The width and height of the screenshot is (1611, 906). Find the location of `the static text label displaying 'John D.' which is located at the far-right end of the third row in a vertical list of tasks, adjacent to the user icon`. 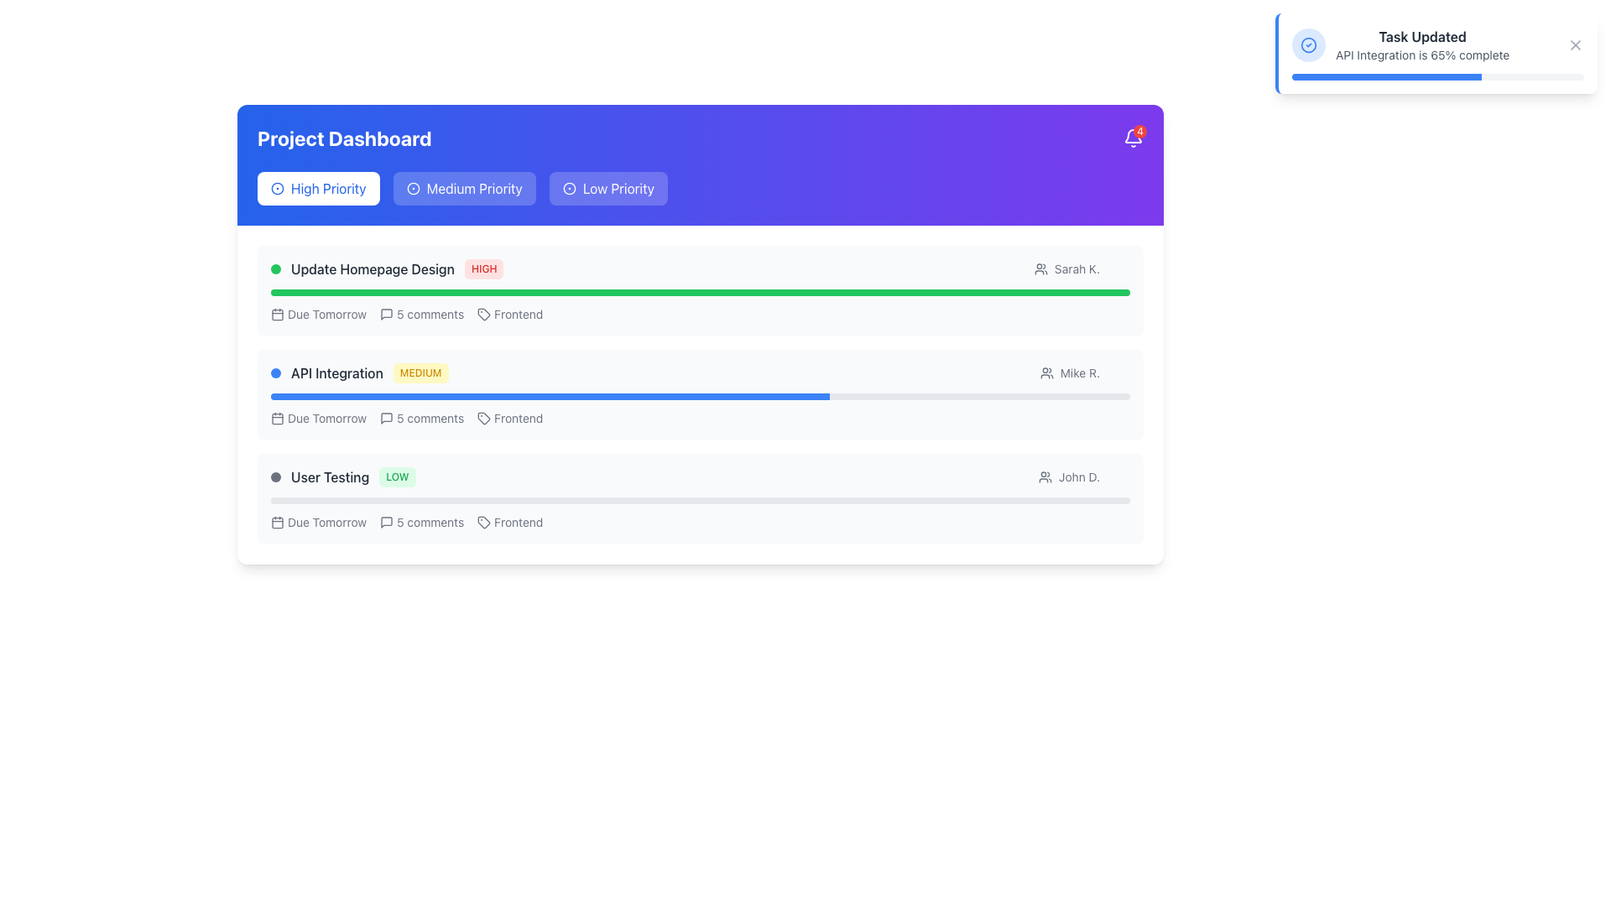

the static text label displaying 'John D.' which is located at the far-right end of the third row in a vertical list of tasks, adjacent to the user icon is located at coordinates (1084, 477).